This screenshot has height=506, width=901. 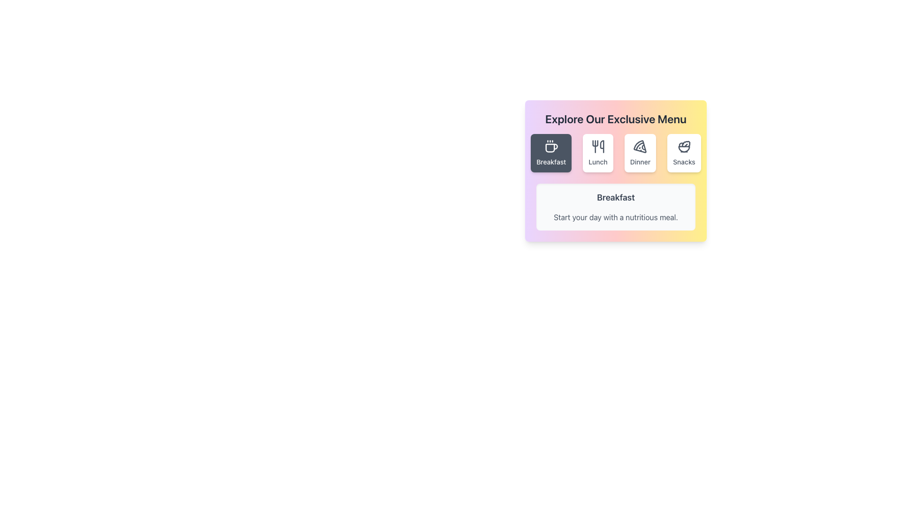 I want to click on the salad bowl icon representing the 'Snacks' menu option, which is located in the upper-right corner of the card grid layout, just above the label 'Snacks', so click(x=684, y=146).